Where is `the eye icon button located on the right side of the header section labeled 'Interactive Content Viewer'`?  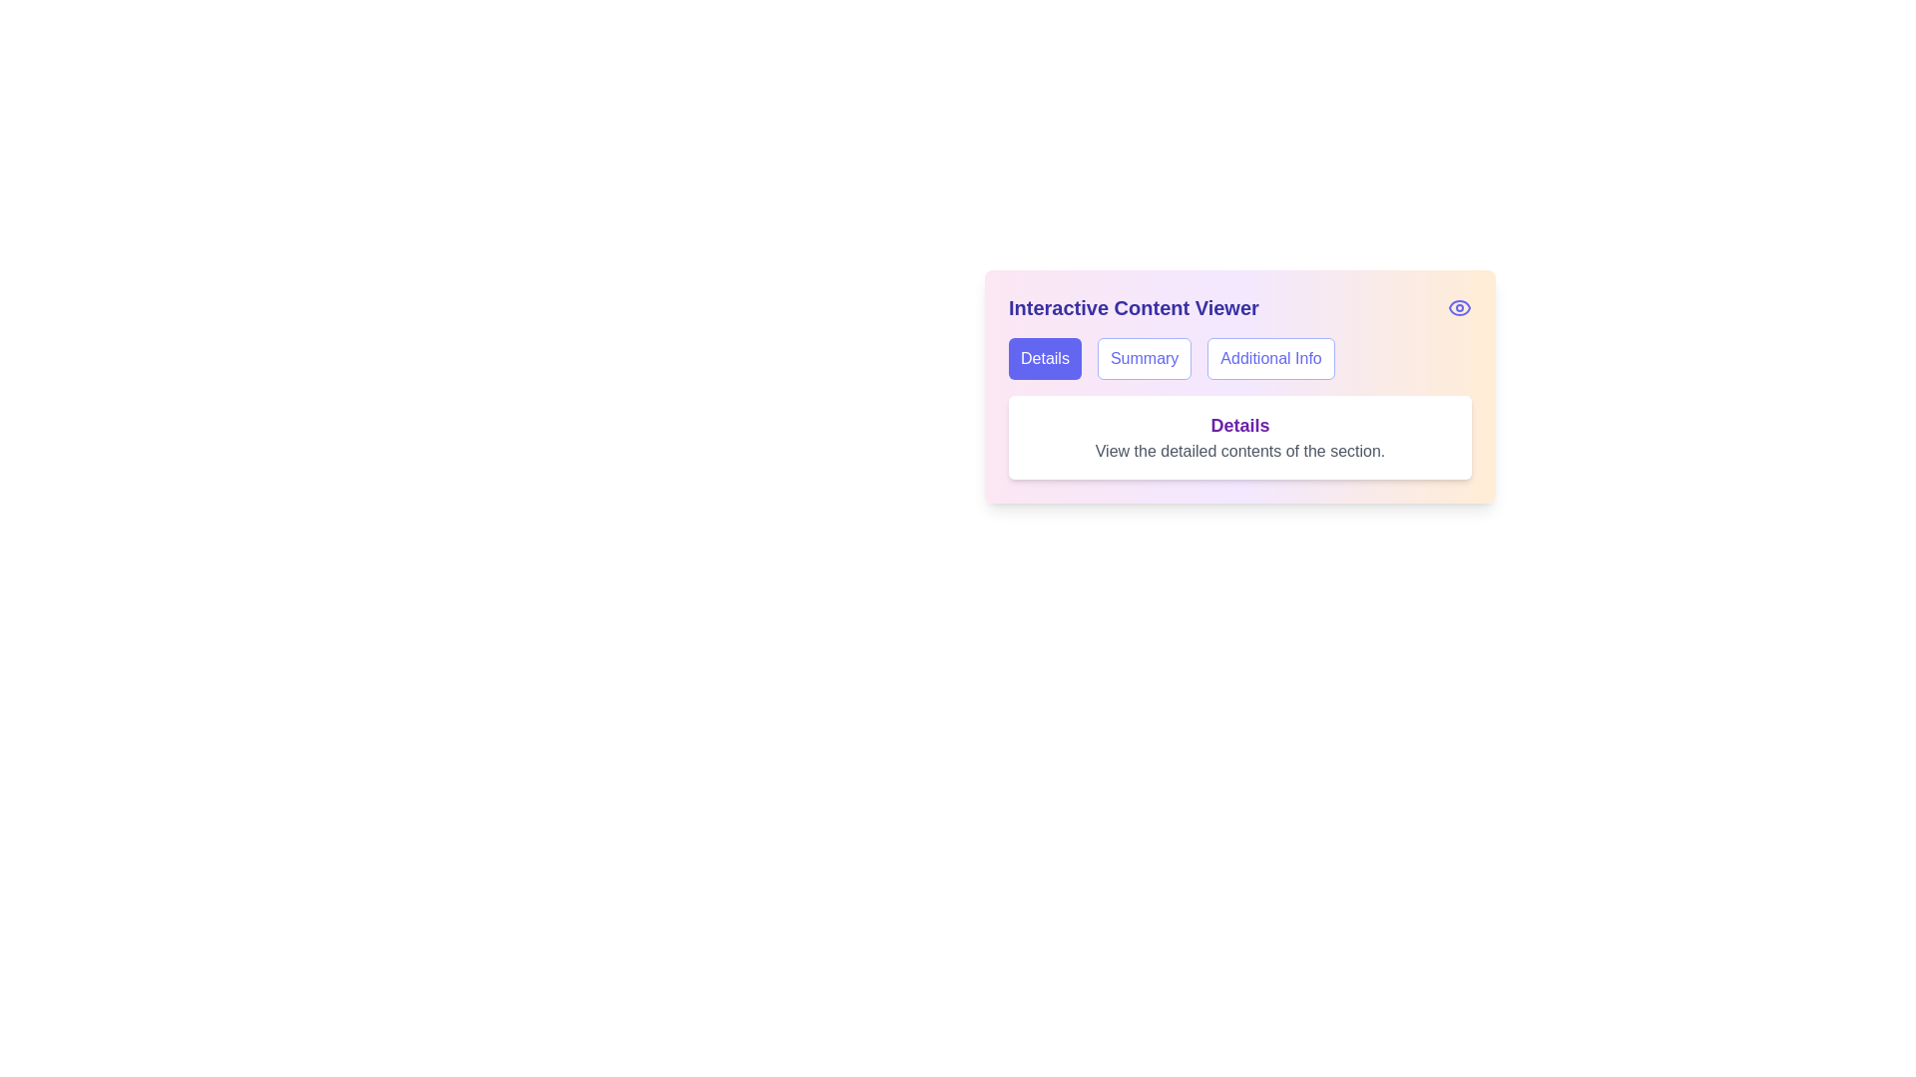
the eye icon button located on the right side of the header section labeled 'Interactive Content Viewer' is located at coordinates (1460, 307).